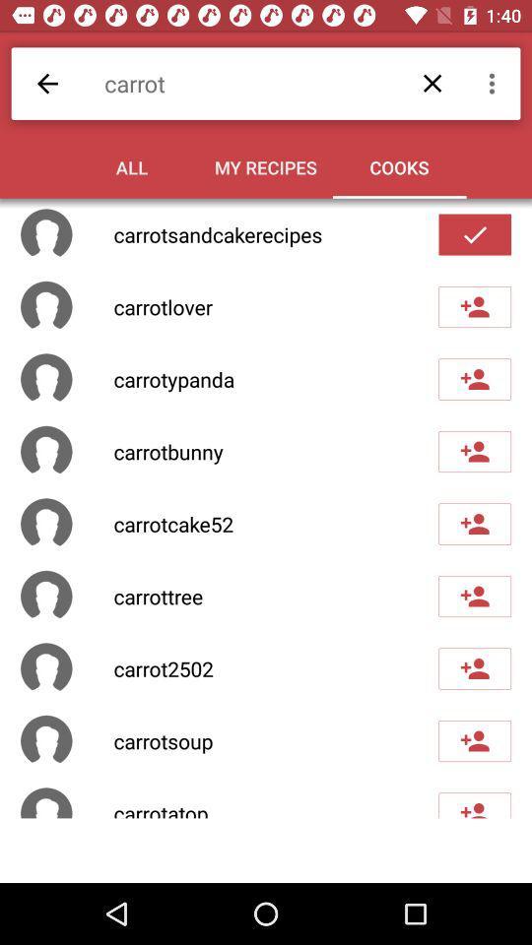  What do you see at coordinates (46, 740) in the screenshot?
I see `the last second box which is right side of the carrotsoup` at bounding box center [46, 740].